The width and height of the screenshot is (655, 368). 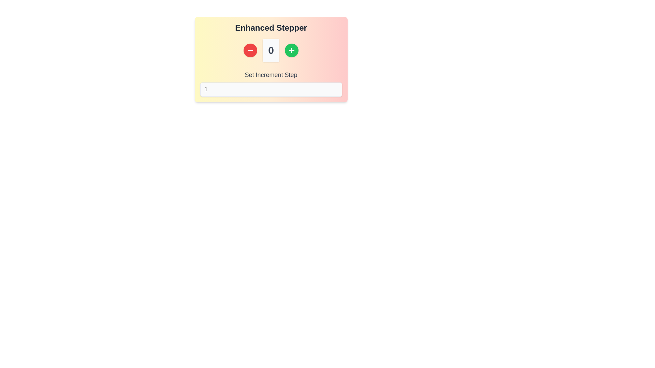 I want to click on the first button on the left in the 'Enhanced Stepper' control panel, so click(x=250, y=50).